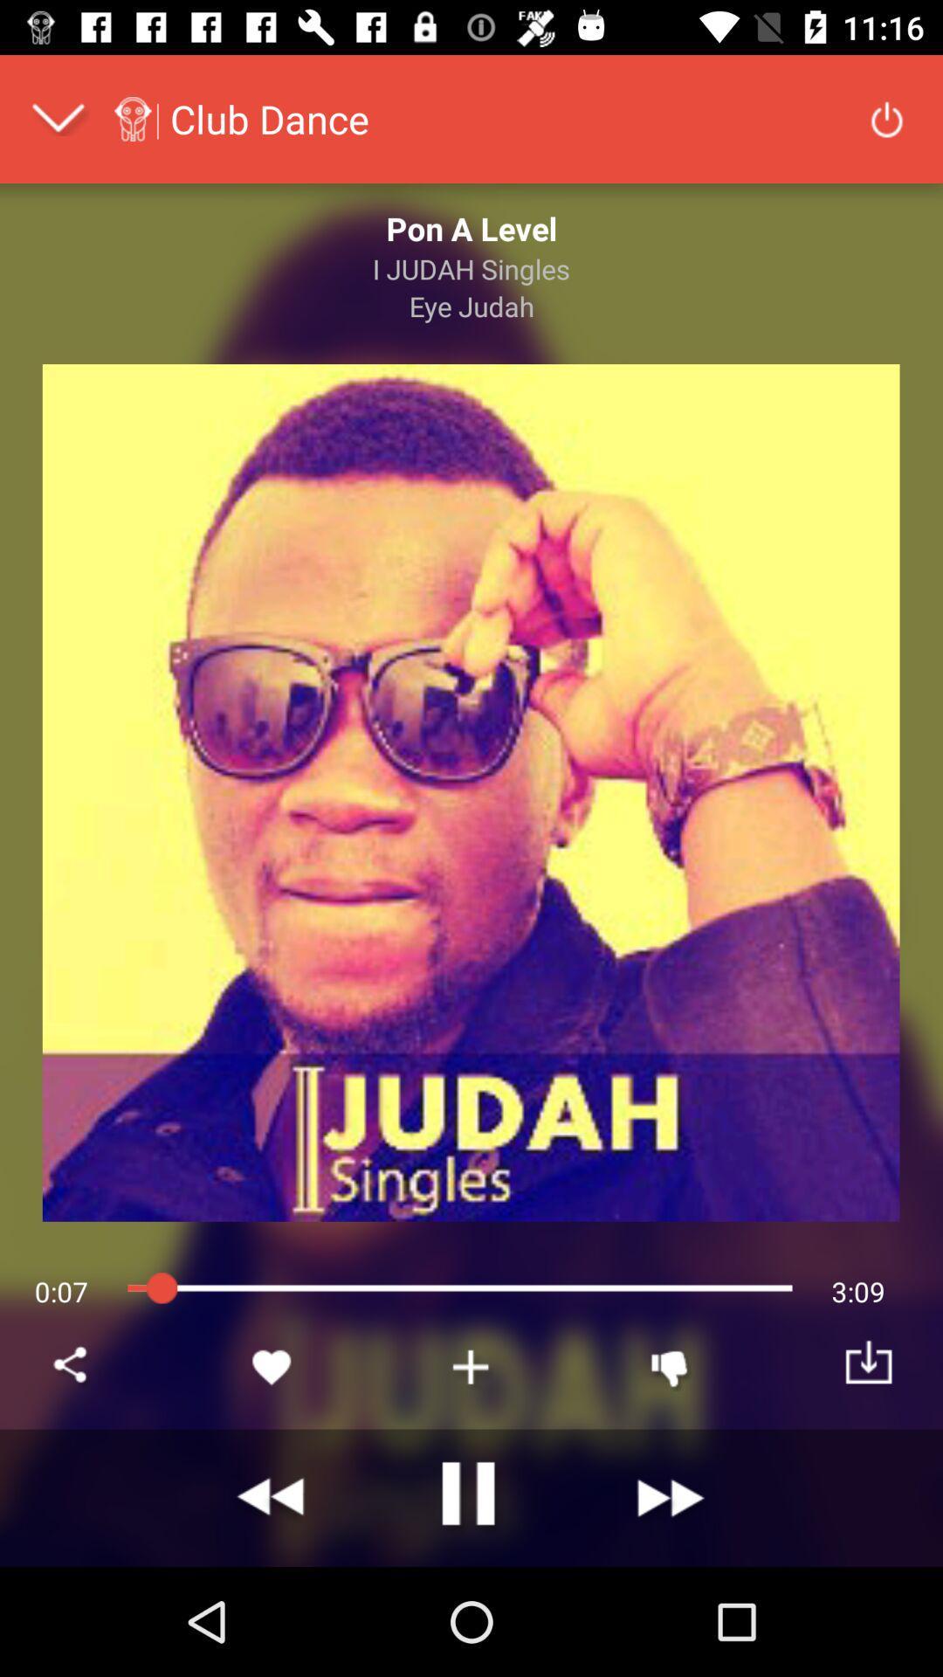  Describe the element at coordinates (269, 118) in the screenshot. I see `club dance item` at that location.